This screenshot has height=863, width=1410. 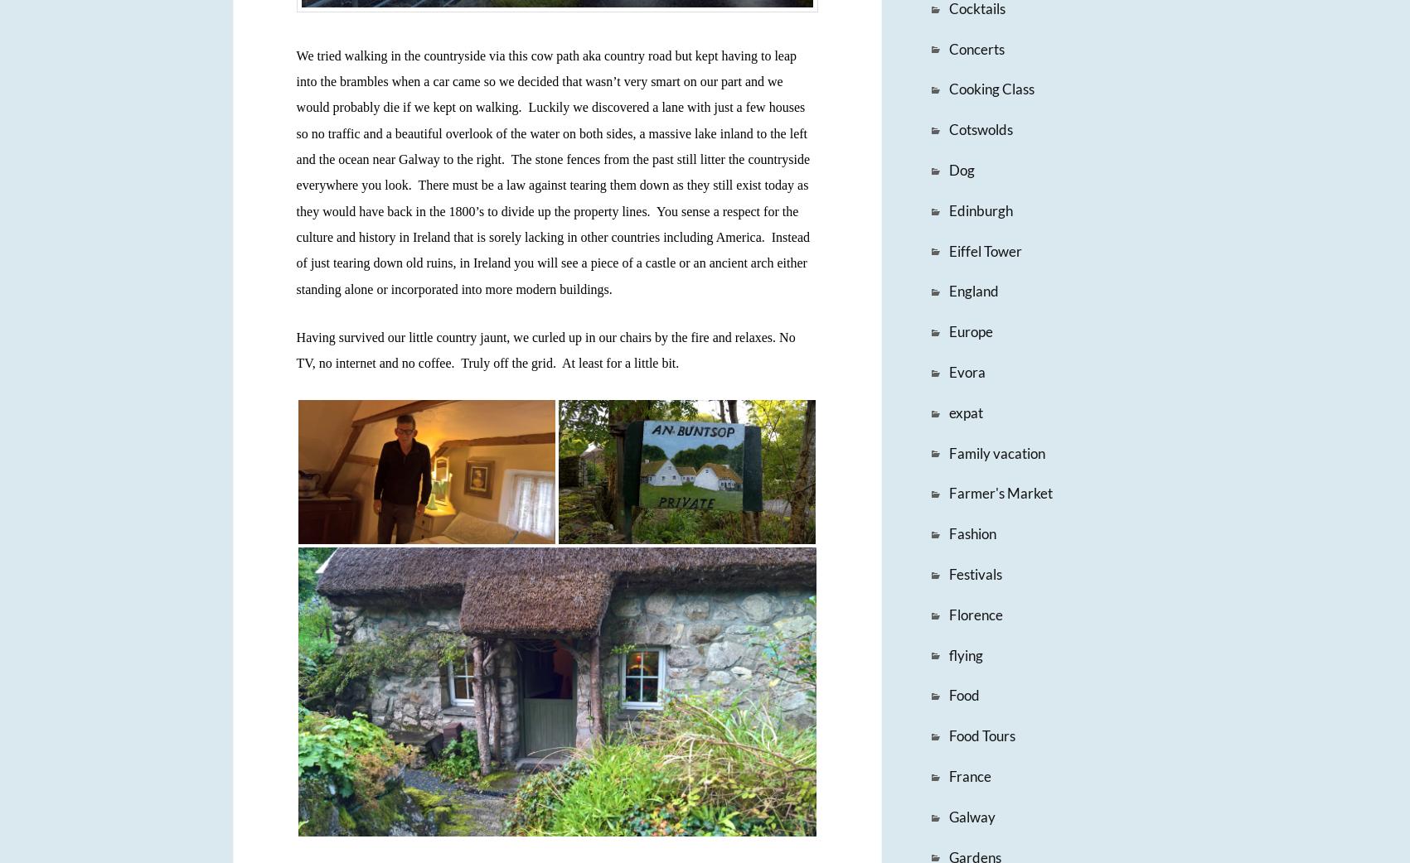 What do you see at coordinates (947, 47) in the screenshot?
I see `'Concerts'` at bounding box center [947, 47].